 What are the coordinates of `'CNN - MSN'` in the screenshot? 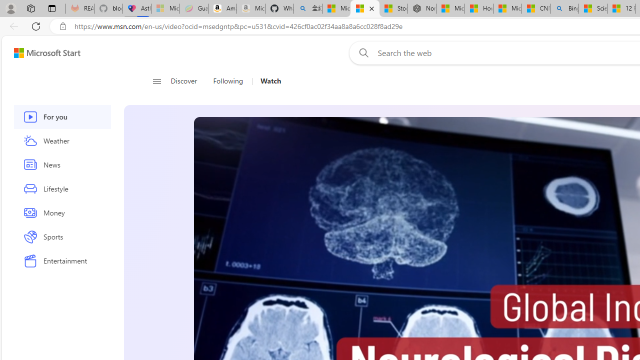 It's located at (535, 8).